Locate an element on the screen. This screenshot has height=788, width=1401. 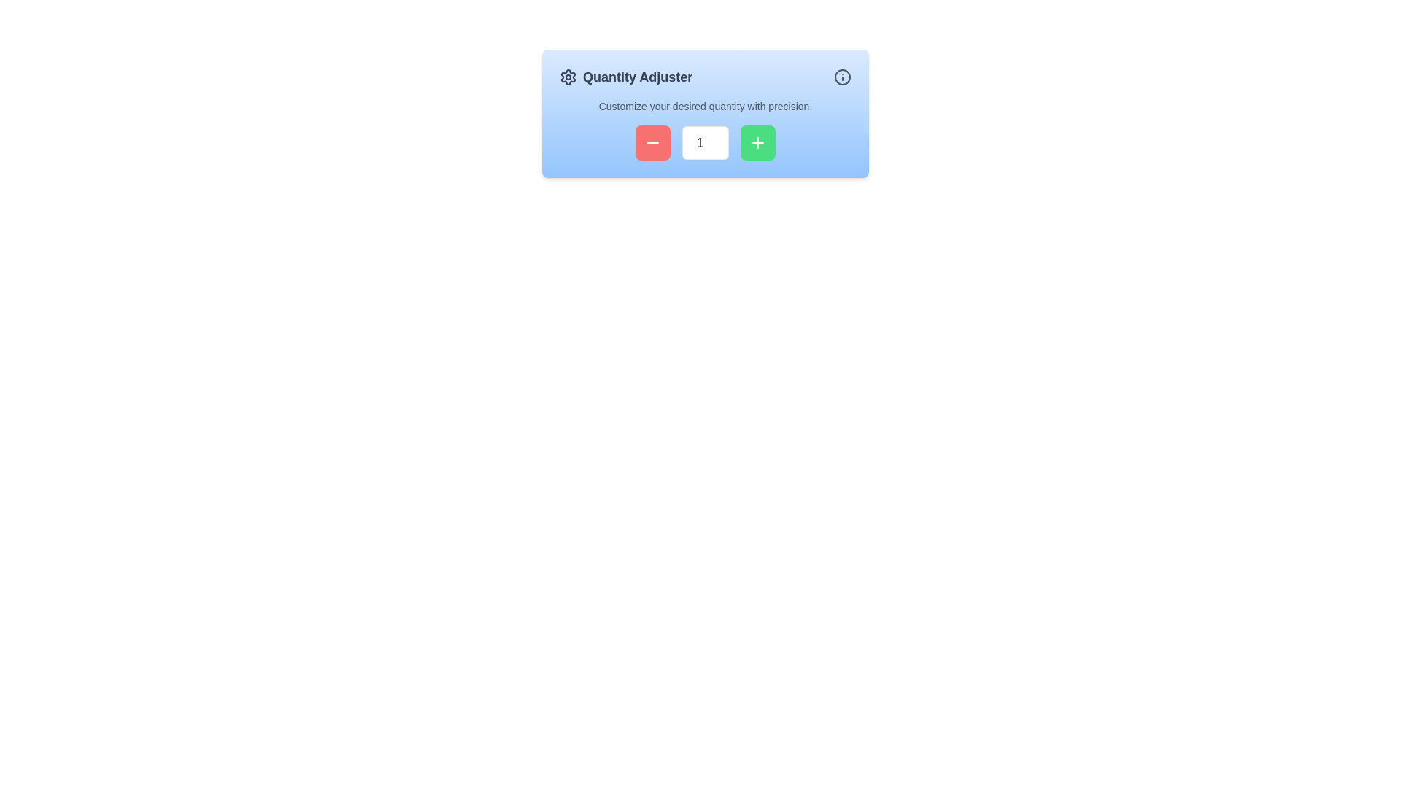
the gear icon, which is styled with a gray stroke and a white fill, located next to the text 'Quantity Adjuster' on the blue panel is located at coordinates (567, 77).